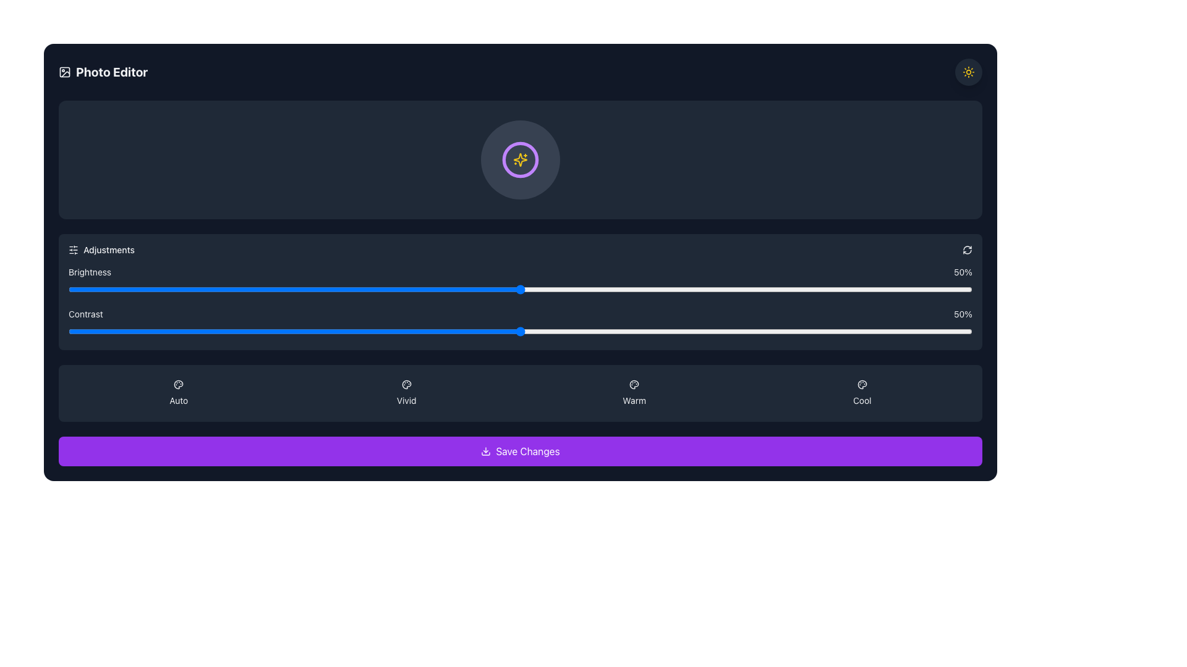 This screenshot has height=667, width=1187. What do you see at coordinates (406, 384) in the screenshot?
I see `the decorative icon related to the 'palette' or 'vivid color settings' functionality, located near the 'Vivid' button, which is the second button in the bottom section of the interface` at bounding box center [406, 384].